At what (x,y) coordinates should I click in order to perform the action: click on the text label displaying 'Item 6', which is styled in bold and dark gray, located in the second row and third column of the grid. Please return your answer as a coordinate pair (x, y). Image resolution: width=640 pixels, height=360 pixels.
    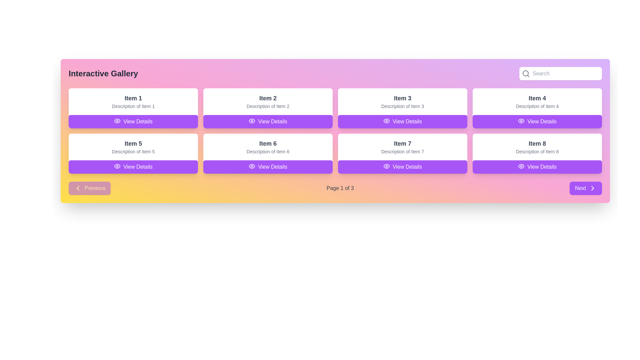
    Looking at the image, I should click on (268, 143).